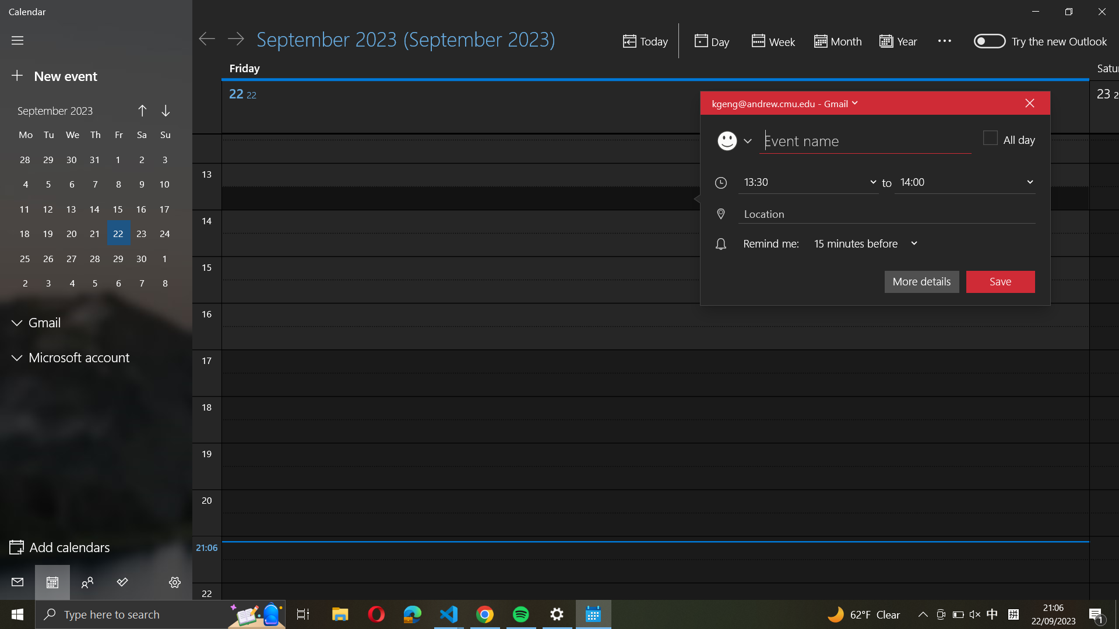 Image resolution: width=1119 pixels, height=629 pixels. I want to click on the weekly scheduling calendar, so click(772, 41).